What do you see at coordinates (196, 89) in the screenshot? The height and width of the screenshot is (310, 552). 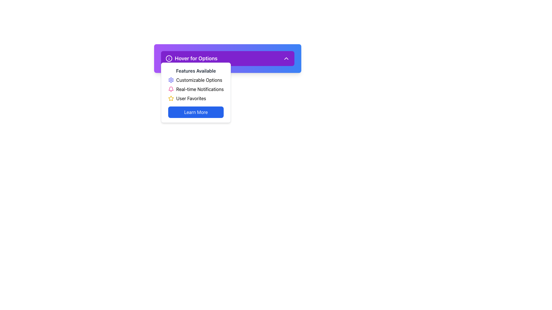 I see `the second item in the Menu list, which has the icon of a bell and the text 'Real-time Notifications'` at bounding box center [196, 89].